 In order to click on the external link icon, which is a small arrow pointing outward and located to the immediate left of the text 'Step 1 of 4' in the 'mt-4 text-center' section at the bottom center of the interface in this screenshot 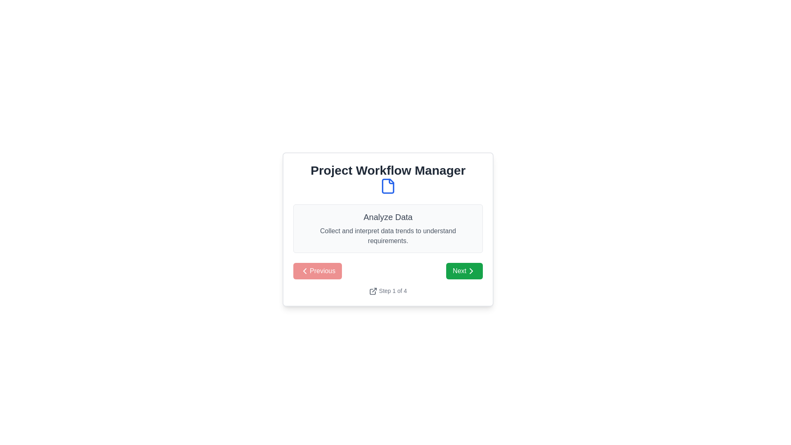, I will do `click(373, 290)`.